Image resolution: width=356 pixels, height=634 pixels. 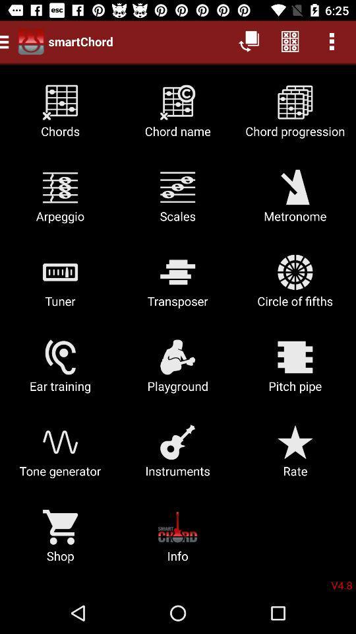 What do you see at coordinates (177, 115) in the screenshot?
I see `item to the right of chords icon` at bounding box center [177, 115].